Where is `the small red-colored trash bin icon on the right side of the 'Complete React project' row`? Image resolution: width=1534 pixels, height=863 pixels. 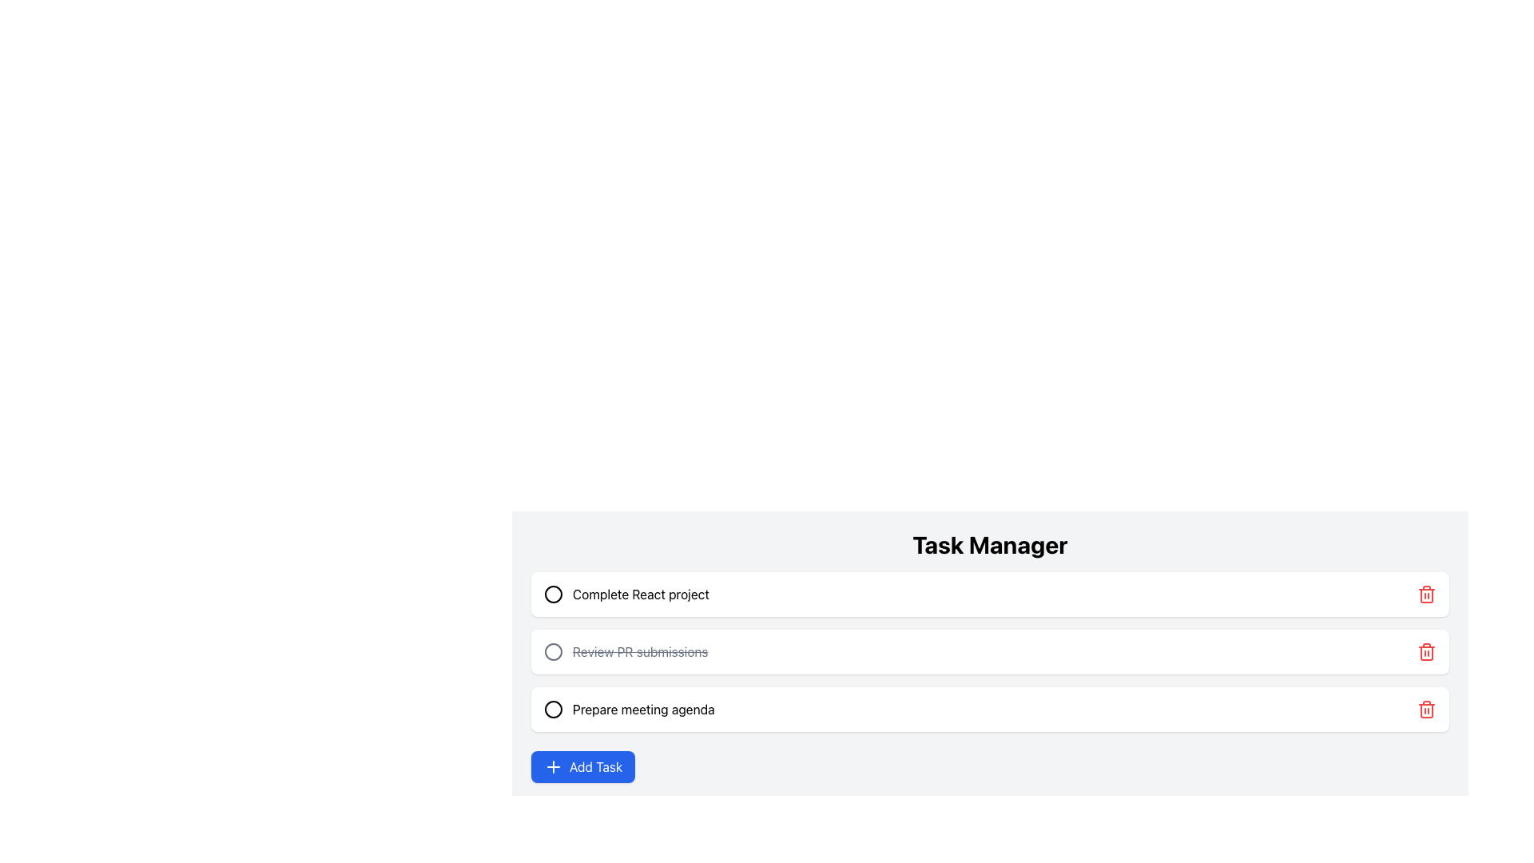
the small red-colored trash bin icon on the right side of the 'Complete React project' row is located at coordinates (1426, 595).